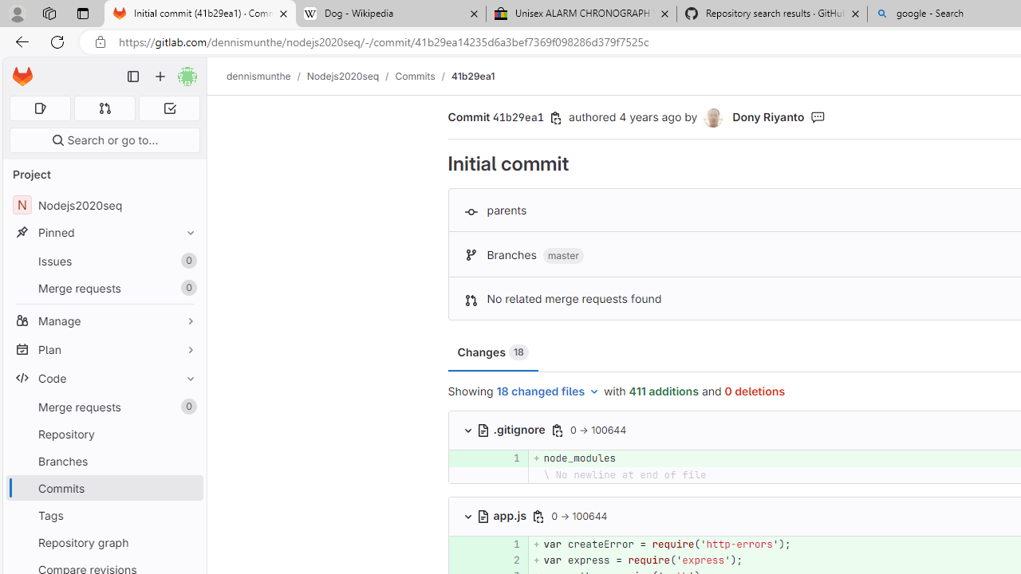 The image size is (1021, 574). What do you see at coordinates (714, 117) in the screenshot?
I see `'Dony Riyanto'` at bounding box center [714, 117].